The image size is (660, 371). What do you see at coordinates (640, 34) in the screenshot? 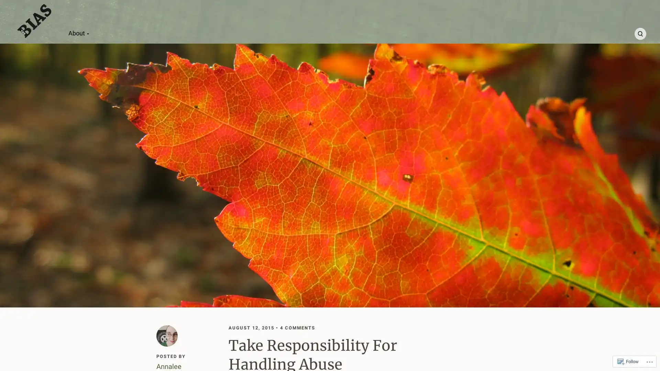
I see `Search` at bounding box center [640, 34].